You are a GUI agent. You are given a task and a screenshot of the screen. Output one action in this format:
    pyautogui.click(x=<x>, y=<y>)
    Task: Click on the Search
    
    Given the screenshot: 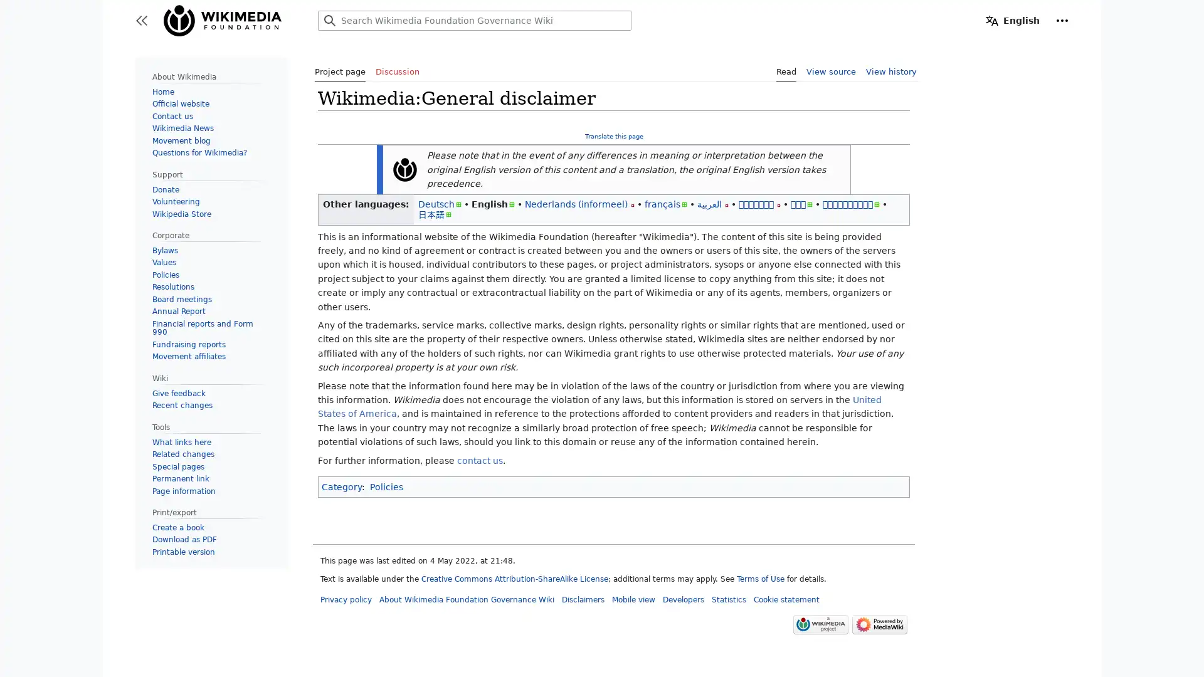 What is the action you would take?
    pyautogui.click(x=330, y=21)
    